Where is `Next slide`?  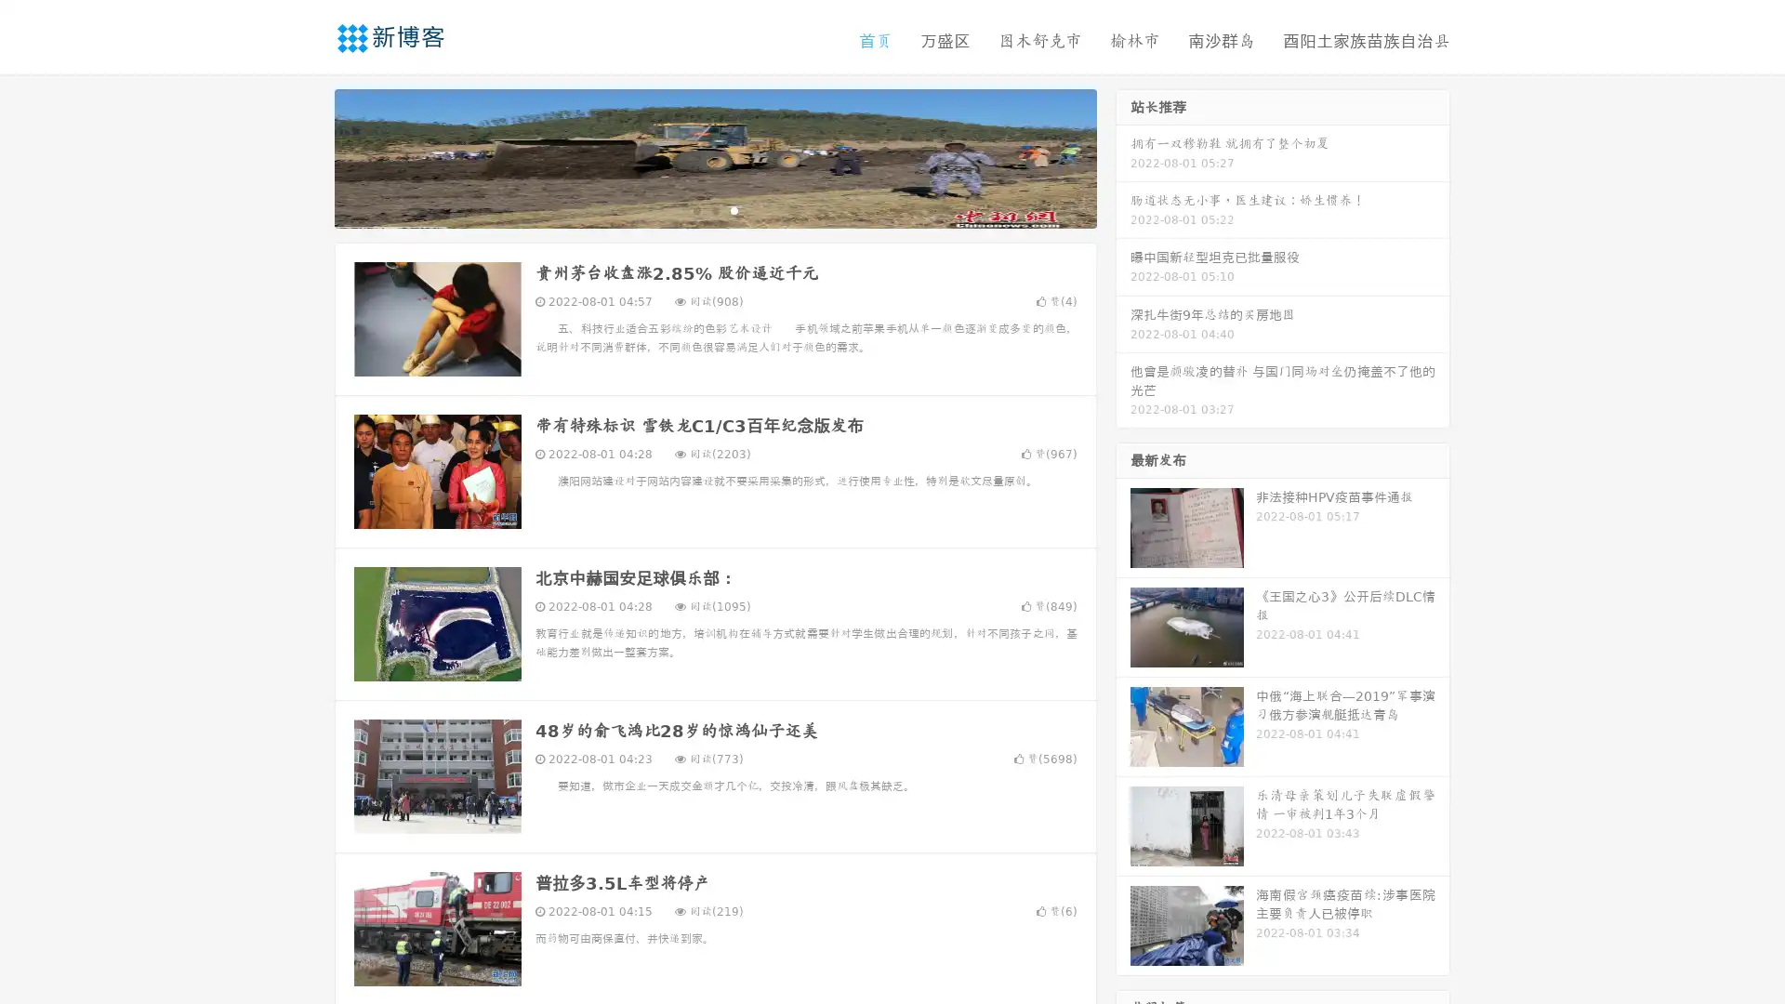 Next slide is located at coordinates (1123, 156).